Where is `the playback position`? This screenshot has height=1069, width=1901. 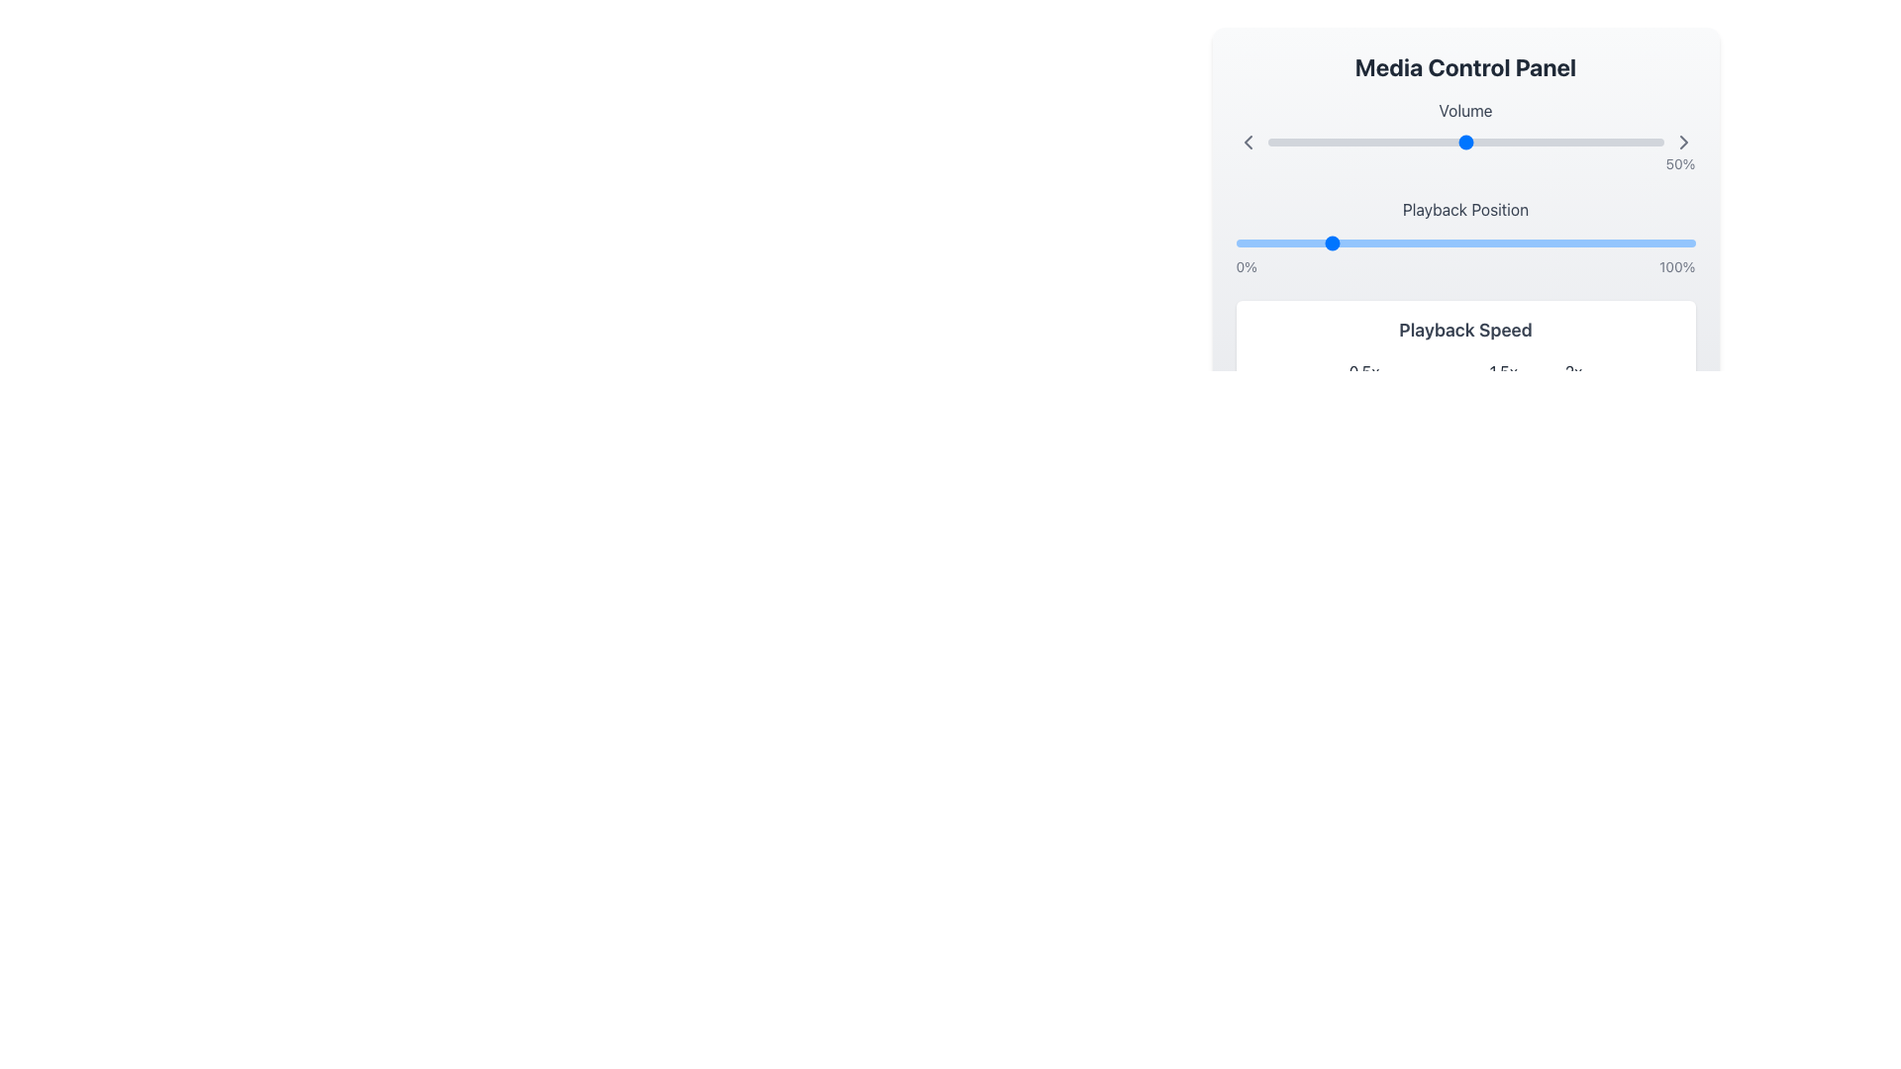 the playback position is located at coordinates (1337, 243).